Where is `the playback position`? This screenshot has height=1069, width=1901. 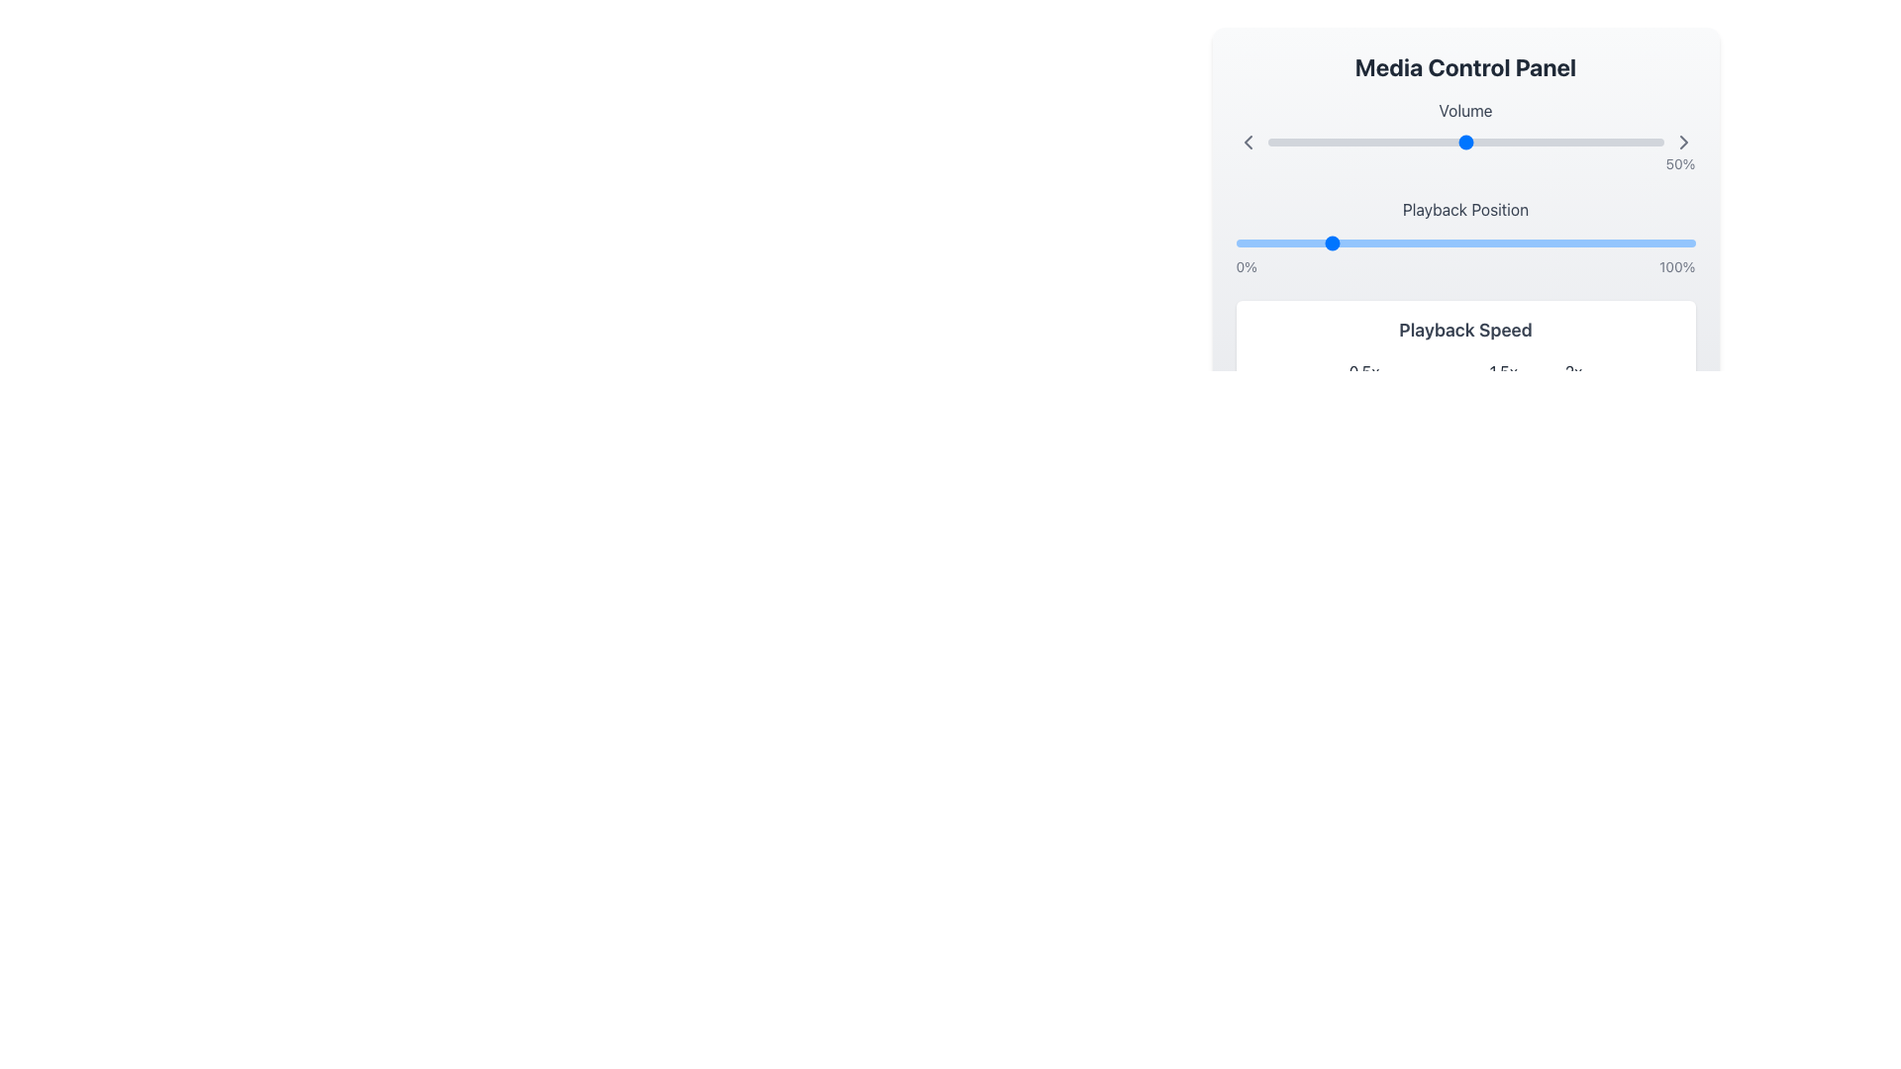 the playback position is located at coordinates (1337, 243).